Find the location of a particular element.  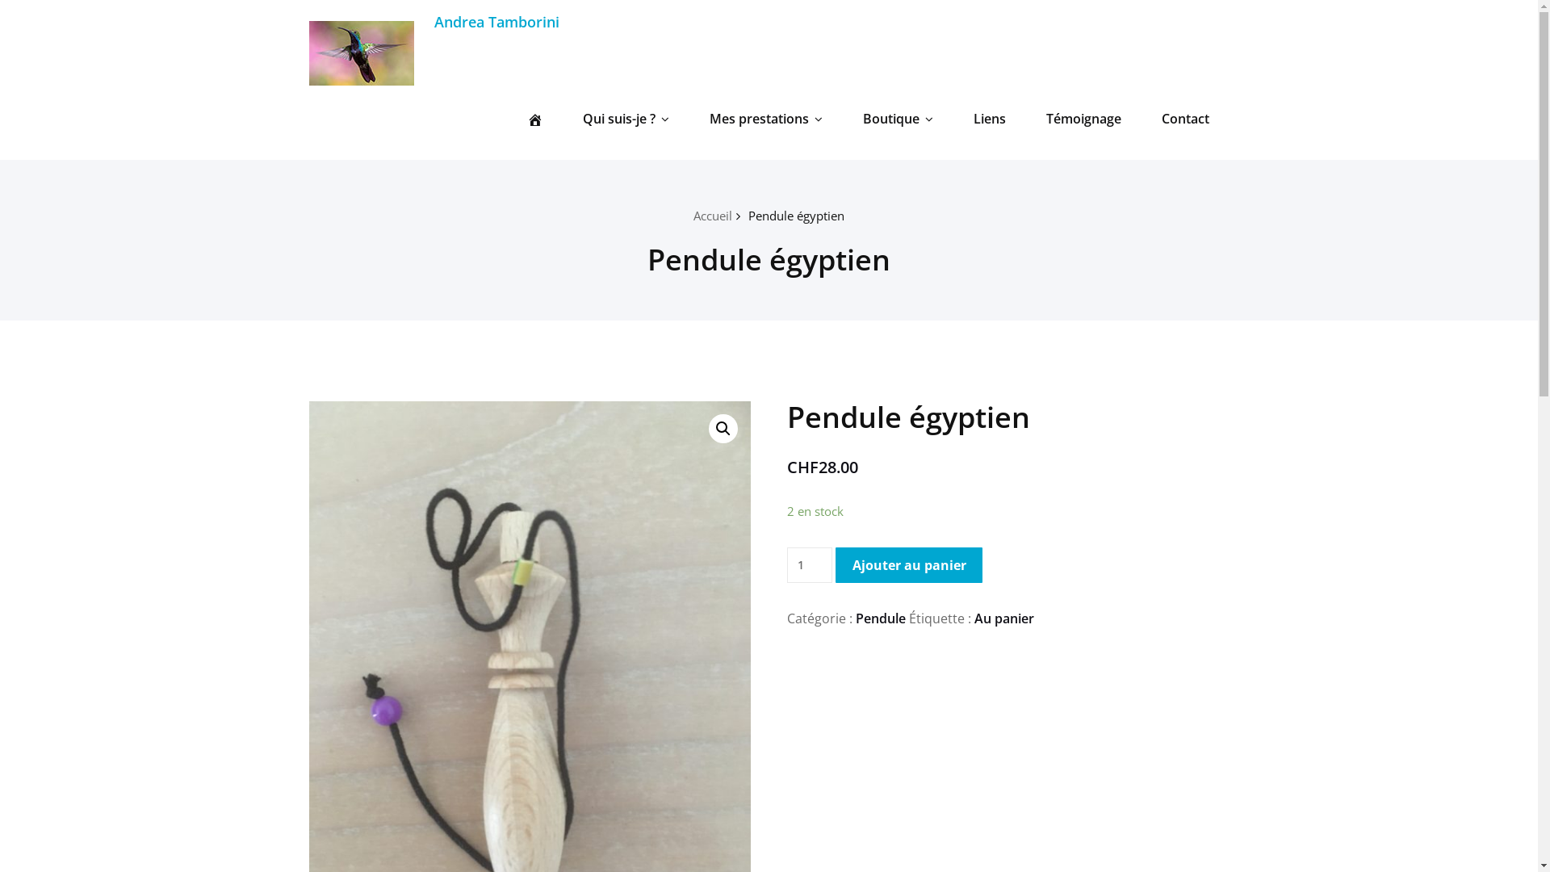

'Qui suis-je ?' is located at coordinates (624, 117).